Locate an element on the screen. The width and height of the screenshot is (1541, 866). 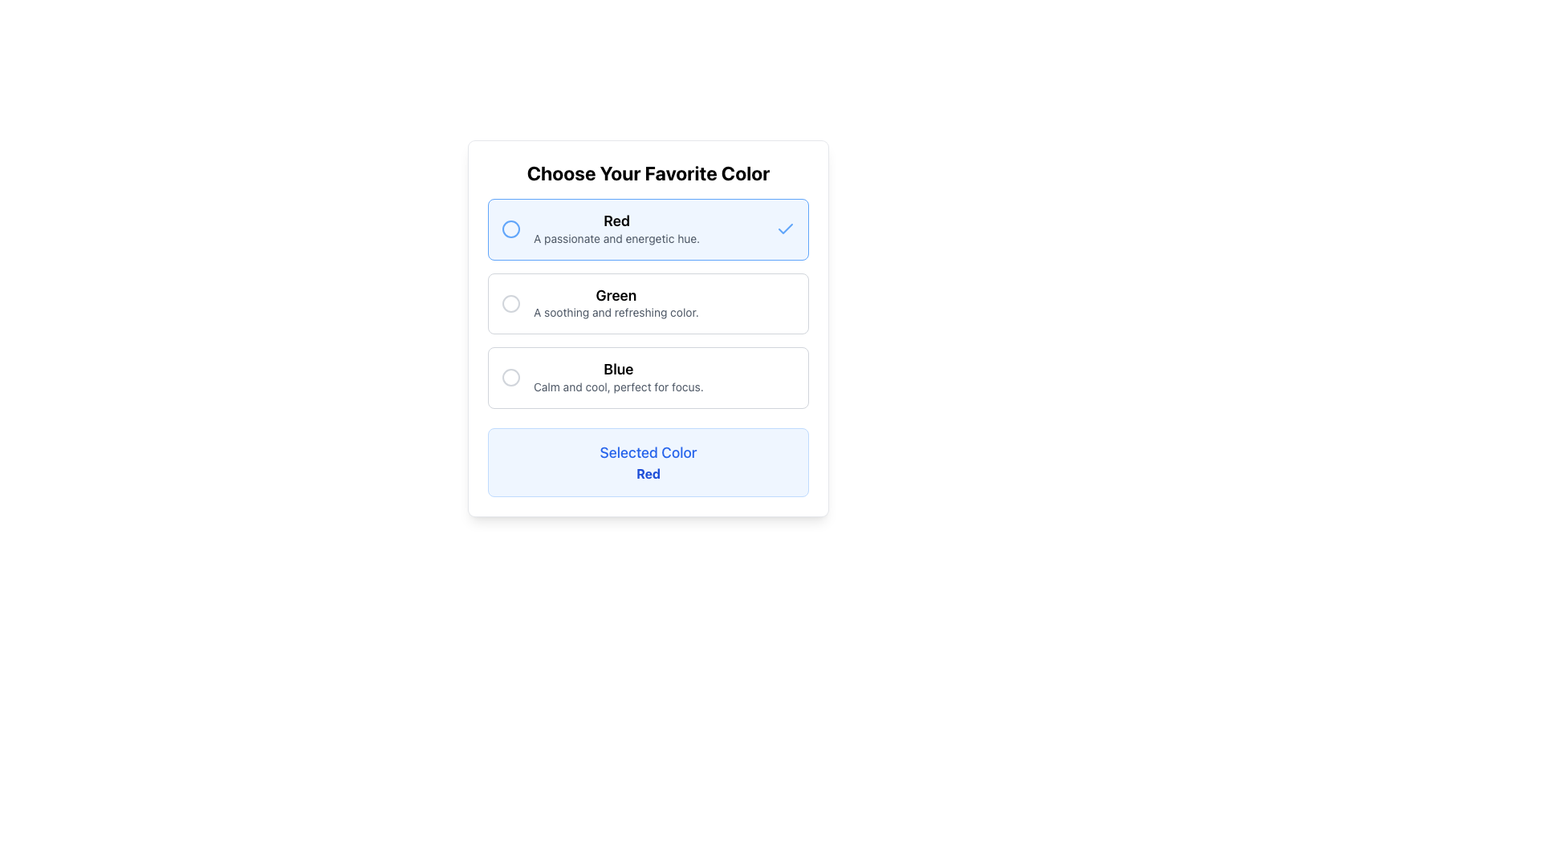
the 'Green' selectable list item, which is the second option in the selection list under the header 'Choose Your Favorite Color' is located at coordinates (648, 303).